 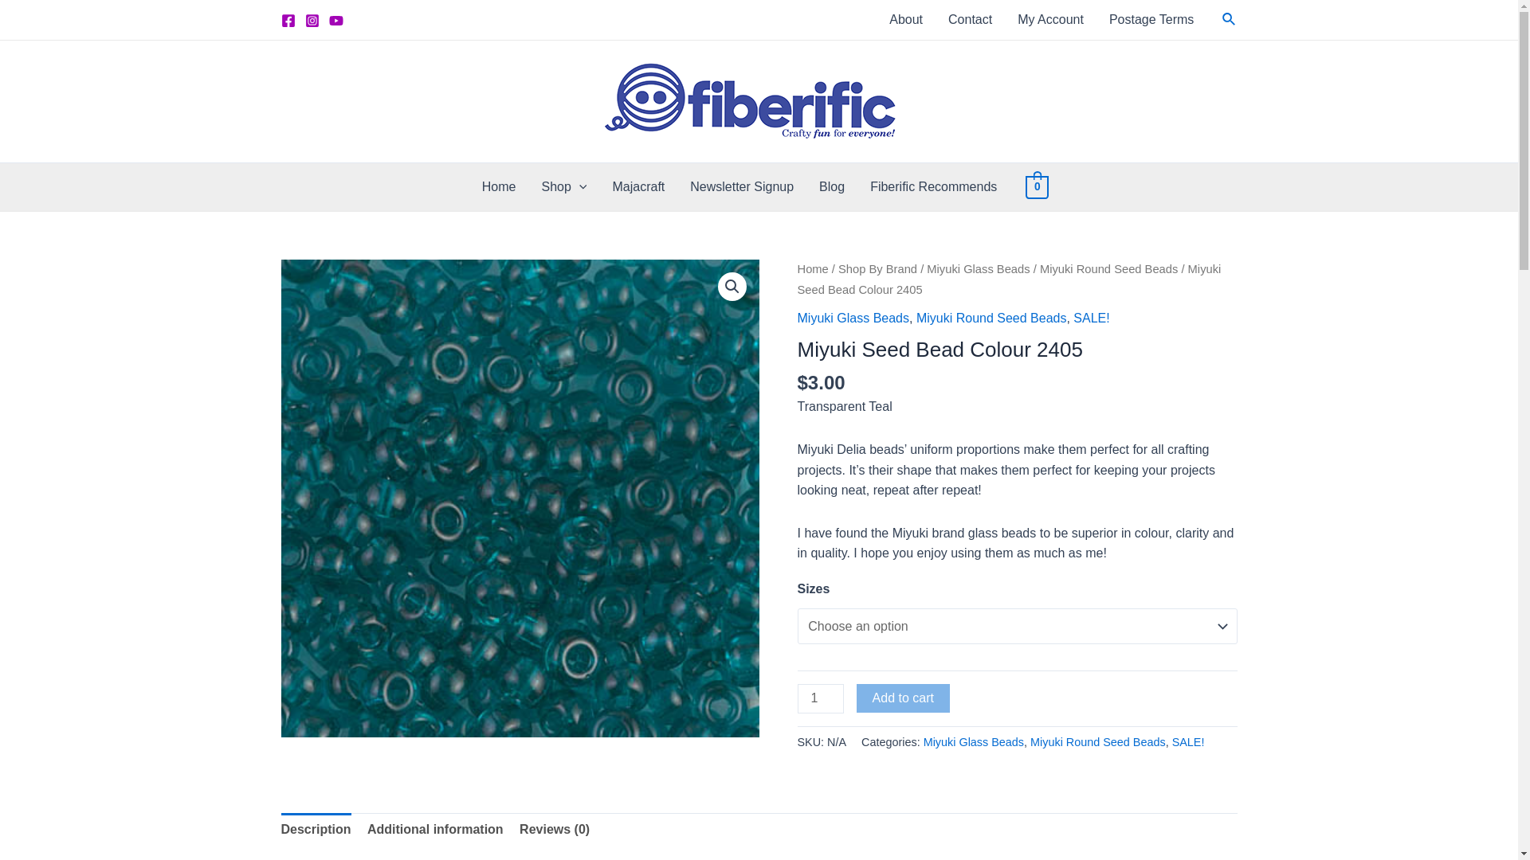 What do you see at coordinates (1090, 318) in the screenshot?
I see `'SALE!'` at bounding box center [1090, 318].